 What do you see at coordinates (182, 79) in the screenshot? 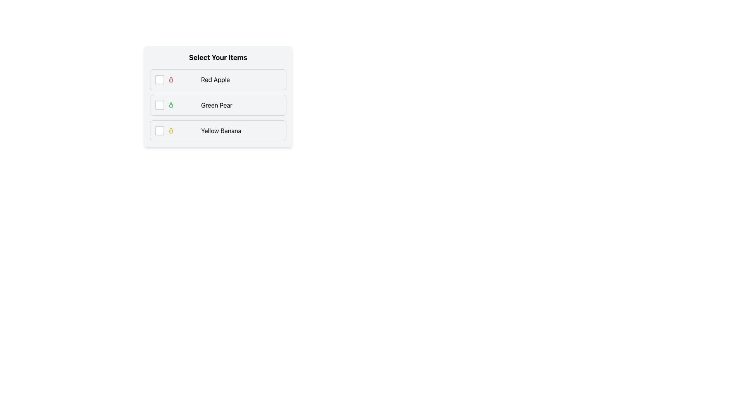
I see `the small red apple emoji located to the right of the checkbox and to the left of the label 'Red Apple' in the first row of the list` at bounding box center [182, 79].